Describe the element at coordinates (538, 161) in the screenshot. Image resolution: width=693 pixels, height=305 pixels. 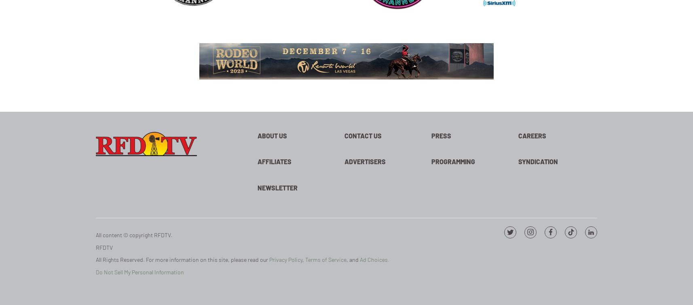
I see `'Syndication'` at that location.